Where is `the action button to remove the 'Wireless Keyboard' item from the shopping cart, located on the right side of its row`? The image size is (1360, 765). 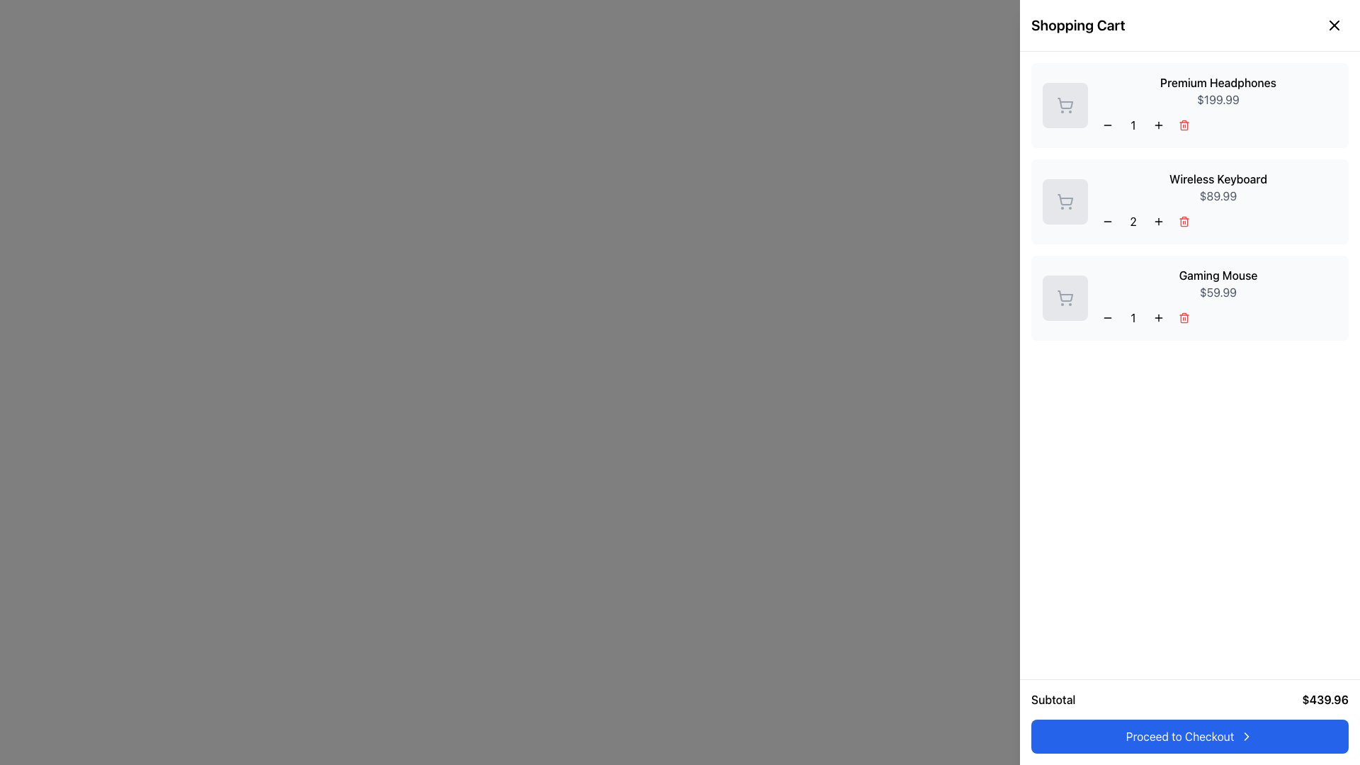
the action button to remove the 'Wireless Keyboard' item from the shopping cart, located on the right side of its row is located at coordinates (1184, 221).